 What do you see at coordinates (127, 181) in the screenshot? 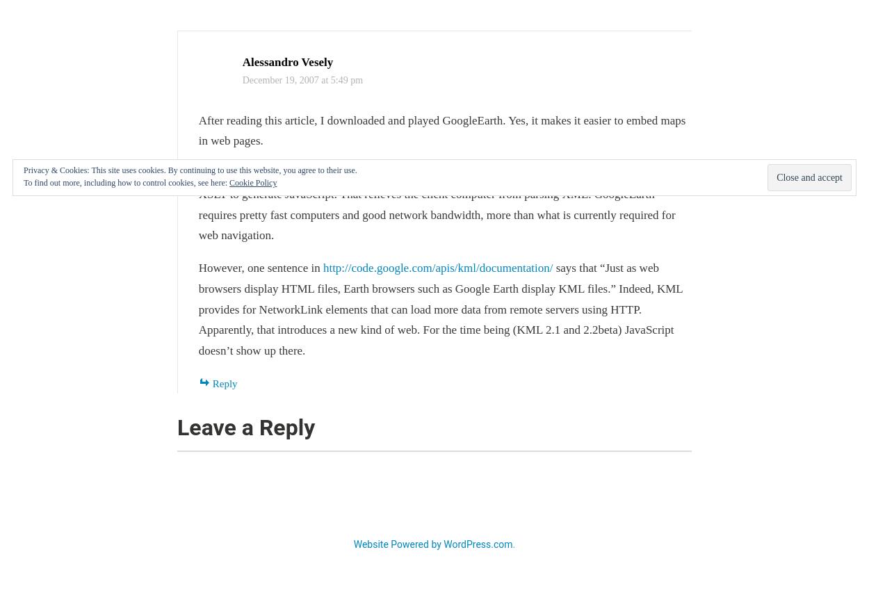
I see `'To find out more, including how to control cookies, see here:'` at bounding box center [127, 181].